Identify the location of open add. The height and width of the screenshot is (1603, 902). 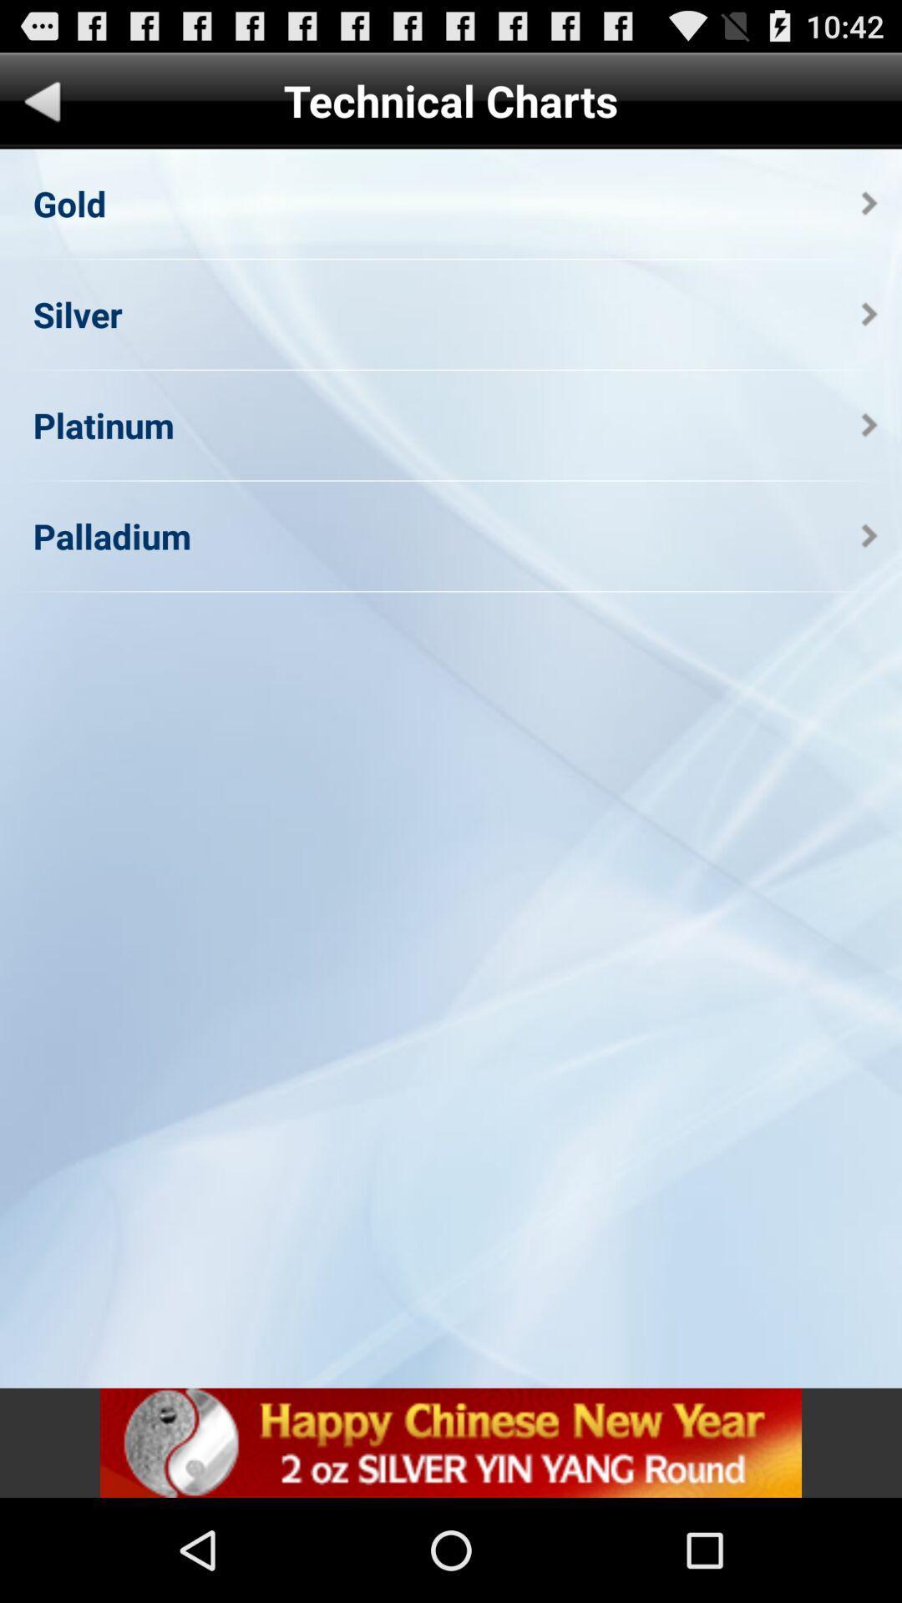
(451, 1442).